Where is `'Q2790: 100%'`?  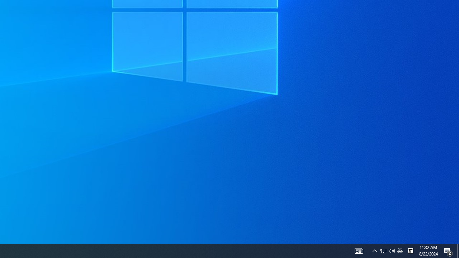
'Q2790: 100%' is located at coordinates (392, 250).